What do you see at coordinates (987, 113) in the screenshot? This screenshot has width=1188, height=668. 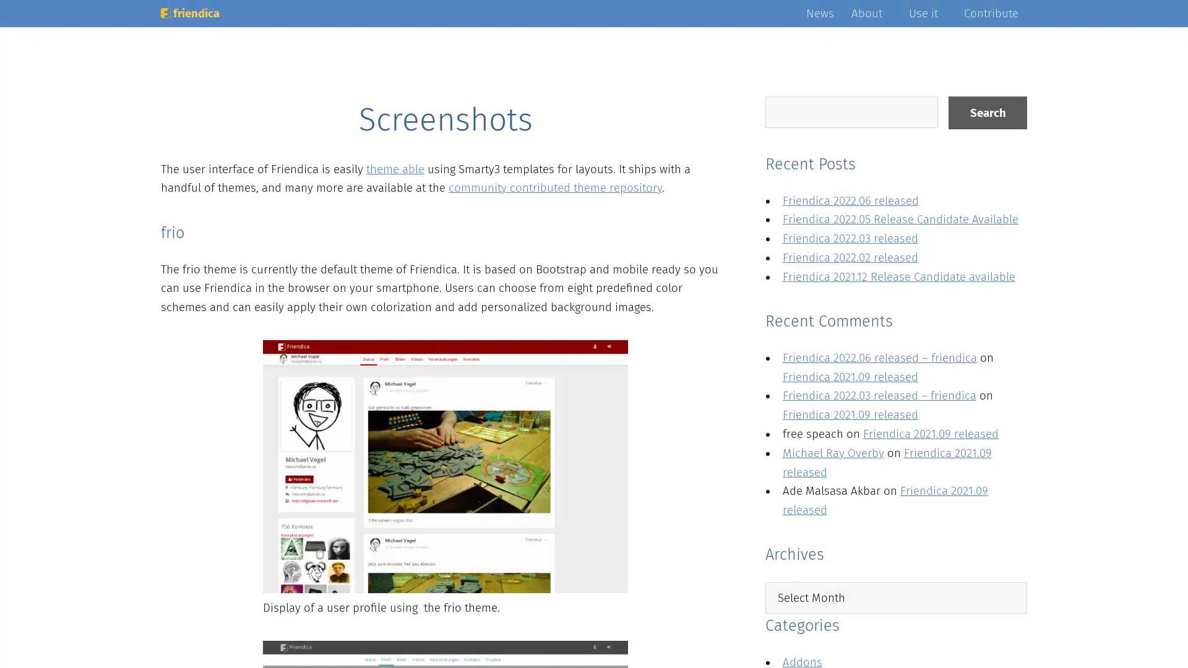 I see `Search` at bounding box center [987, 113].